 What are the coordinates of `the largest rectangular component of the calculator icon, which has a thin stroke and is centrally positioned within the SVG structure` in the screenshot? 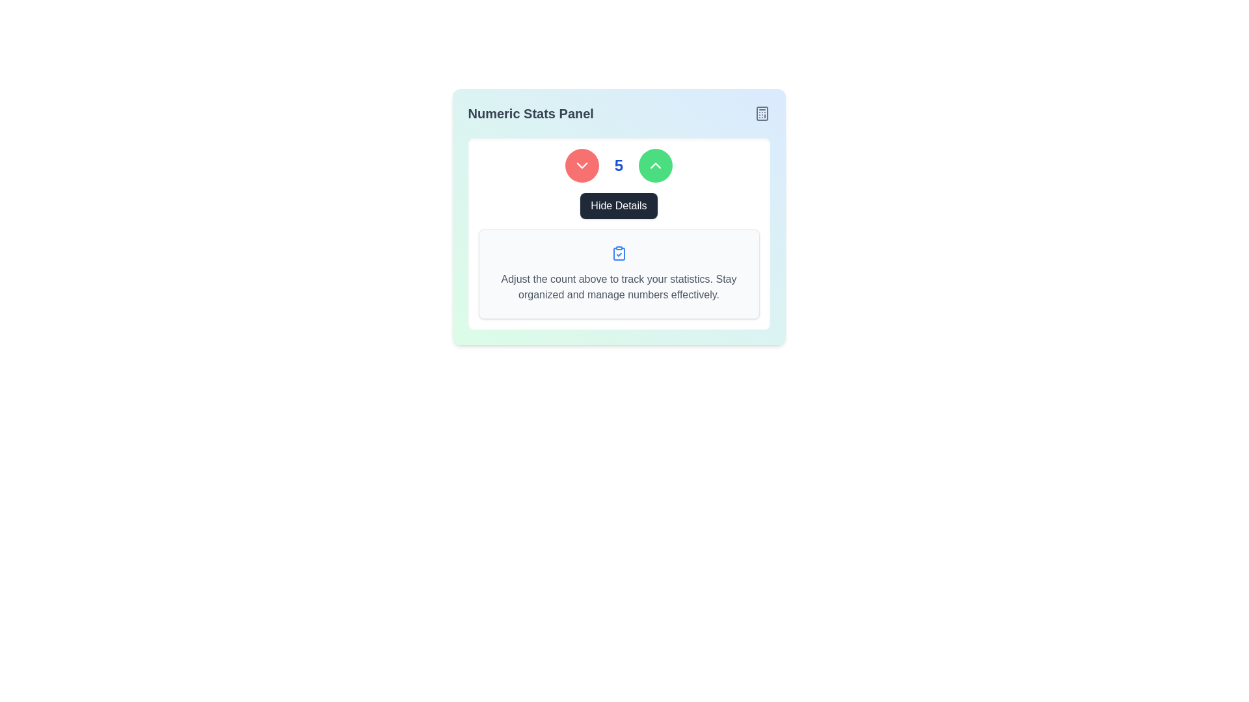 It's located at (762, 112).